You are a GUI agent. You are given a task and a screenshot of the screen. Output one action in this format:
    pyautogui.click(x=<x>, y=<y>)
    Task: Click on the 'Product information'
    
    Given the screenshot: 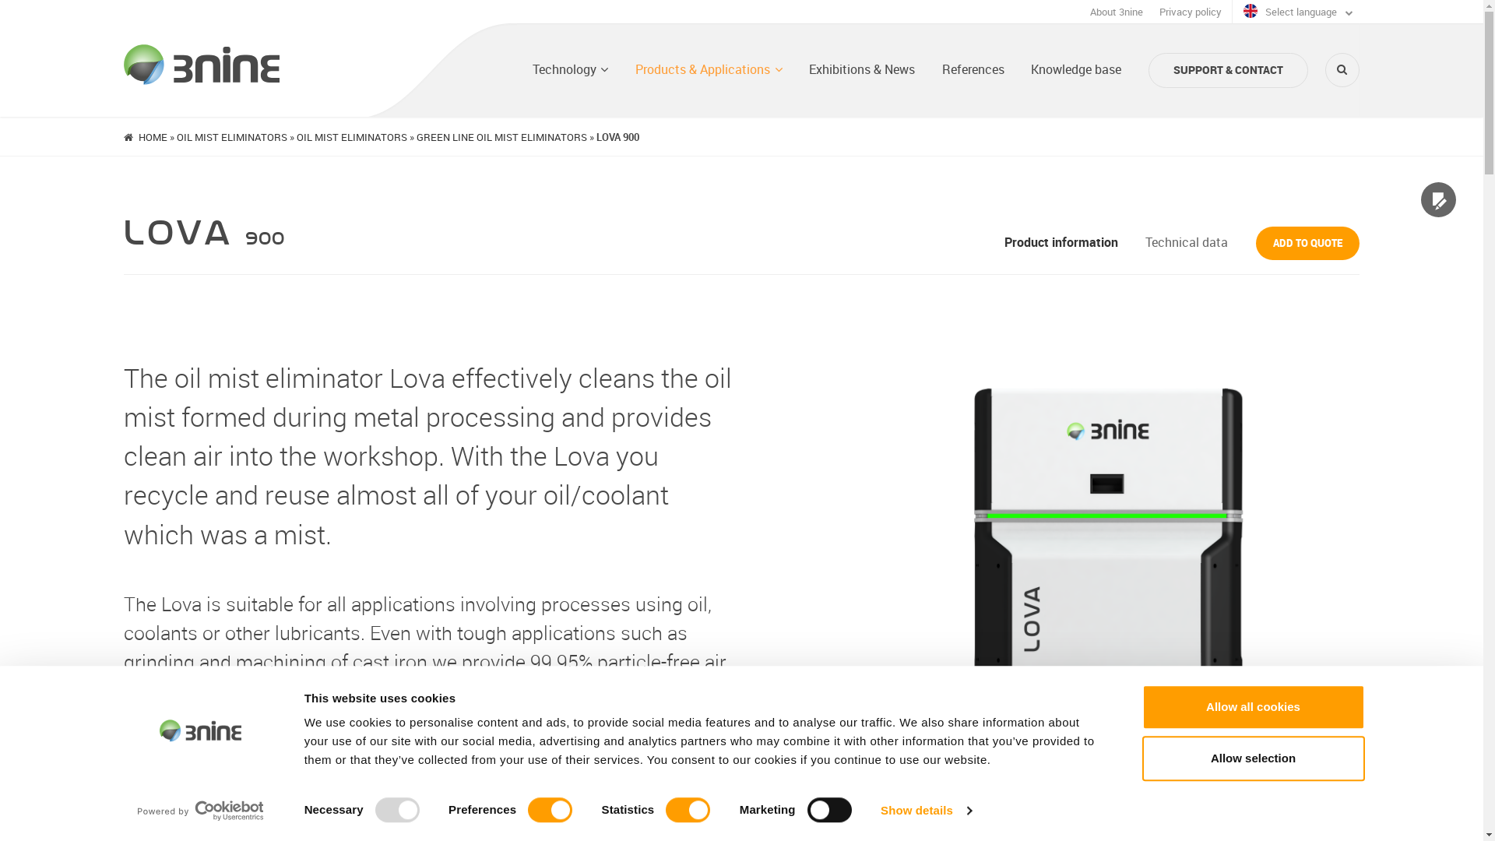 What is the action you would take?
    pyautogui.click(x=1004, y=242)
    